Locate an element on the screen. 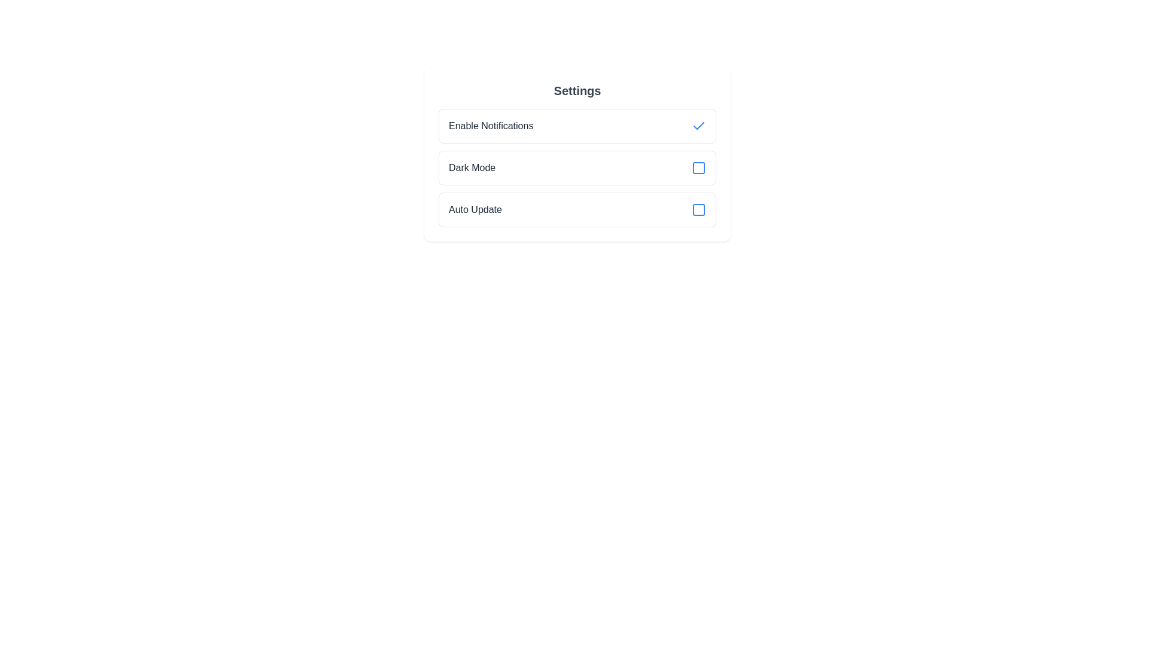 Image resolution: width=1149 pixels, height=646 pixels. the 'Dark Mode' option in the settings list is located at coordinates (577, 168).